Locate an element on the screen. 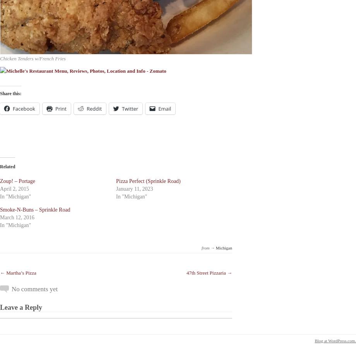 This screenshot has height=345, width=356. 'Share this:' is located at coordinates (10, 93).